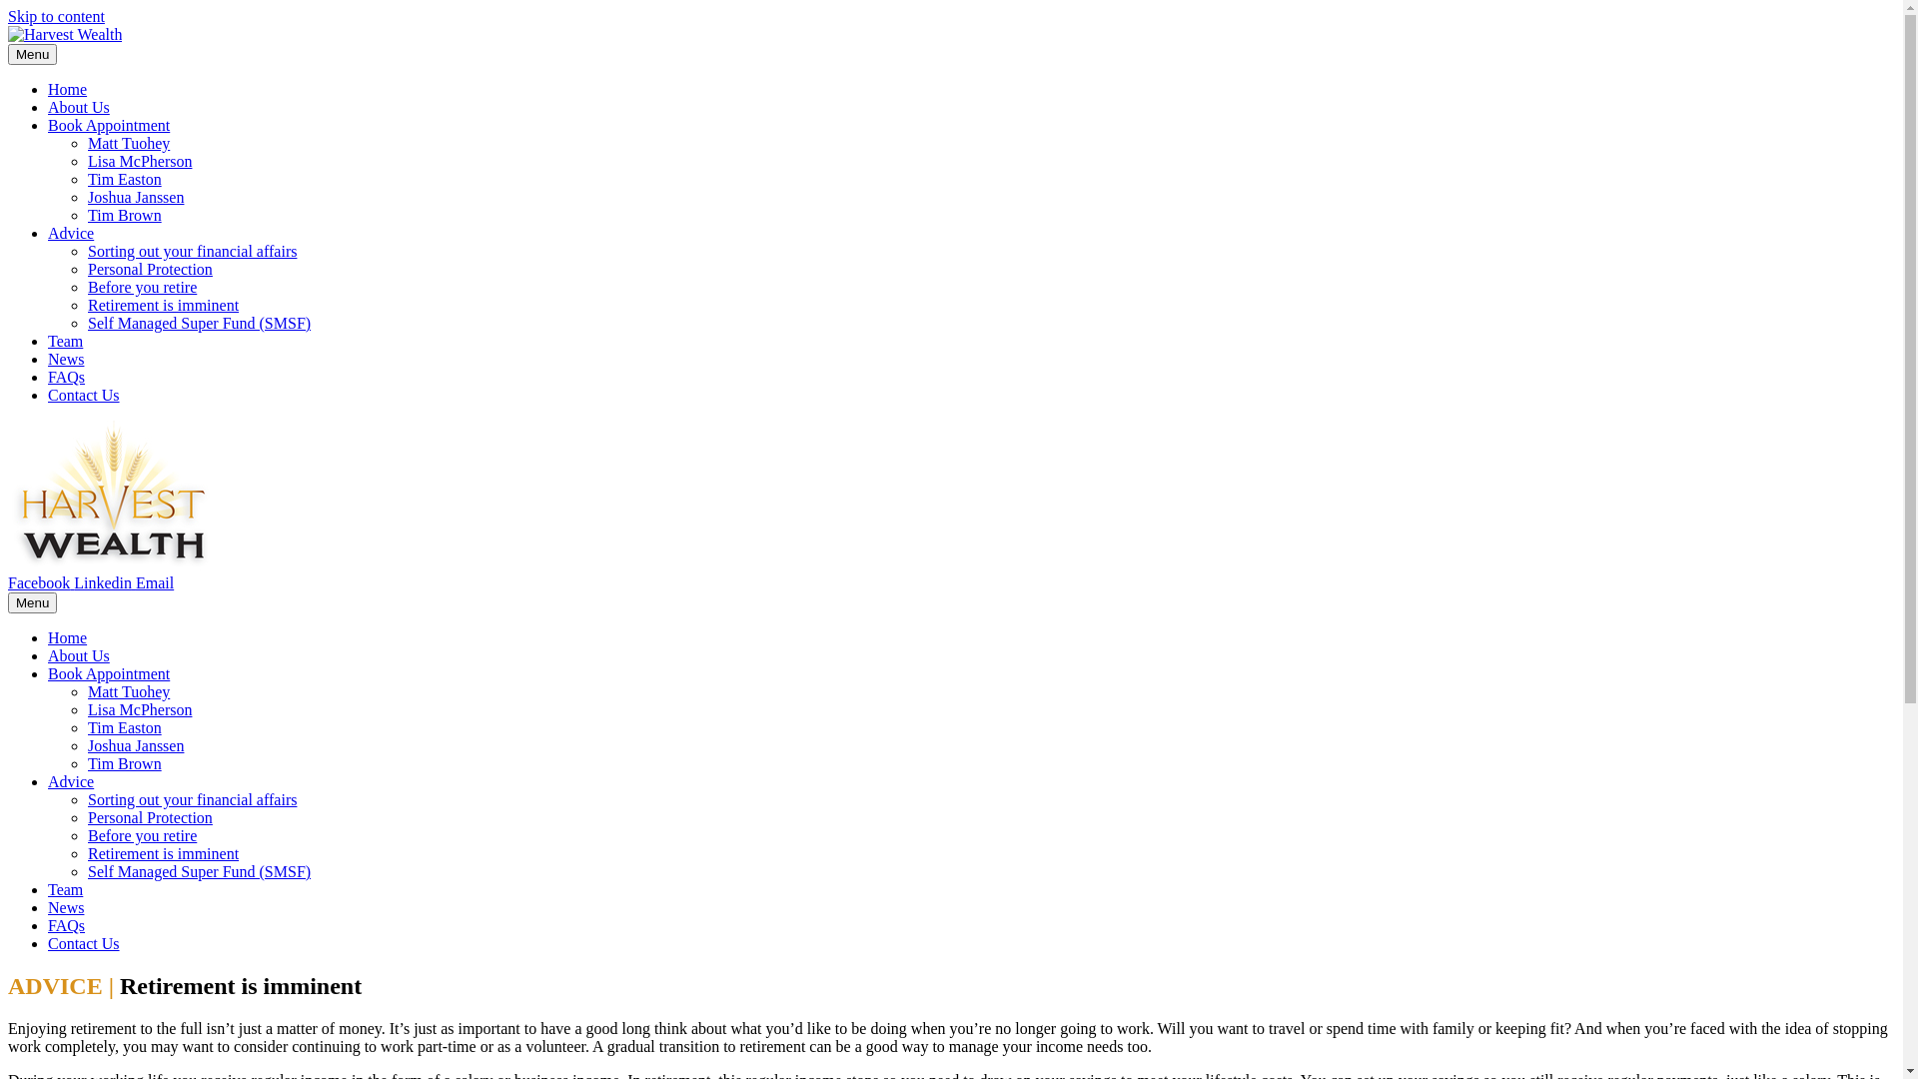  I want to click on 'About Us', so click(78, 655).